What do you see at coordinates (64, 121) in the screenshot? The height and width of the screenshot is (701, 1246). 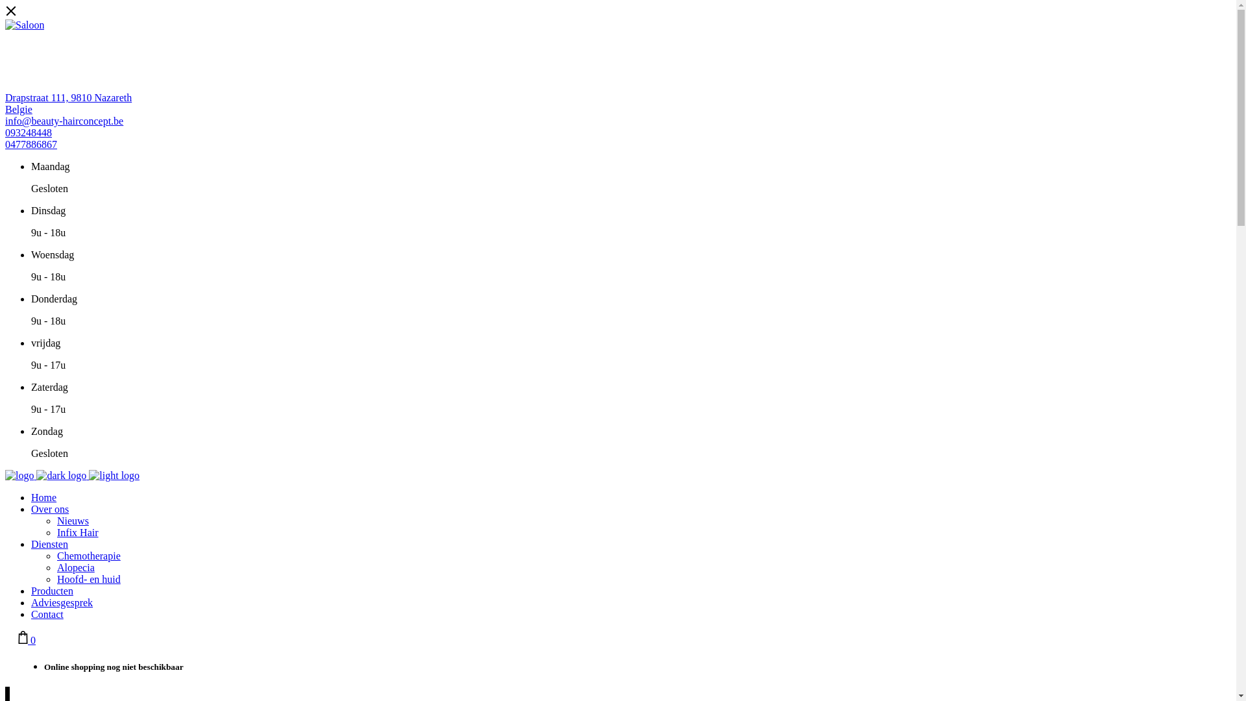 I see `'info@beauty-hairconcept.be'` at bounding box center [64, 121].